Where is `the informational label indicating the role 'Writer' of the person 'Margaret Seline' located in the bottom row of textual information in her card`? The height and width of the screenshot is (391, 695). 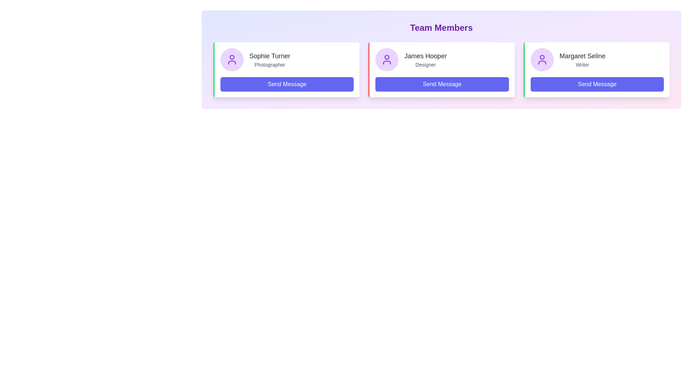
the informational label indicating the role 'Writer' of the person 'Margaret Seline' located in the bottom row of textual information in her card is located at coordinates (582, 64).